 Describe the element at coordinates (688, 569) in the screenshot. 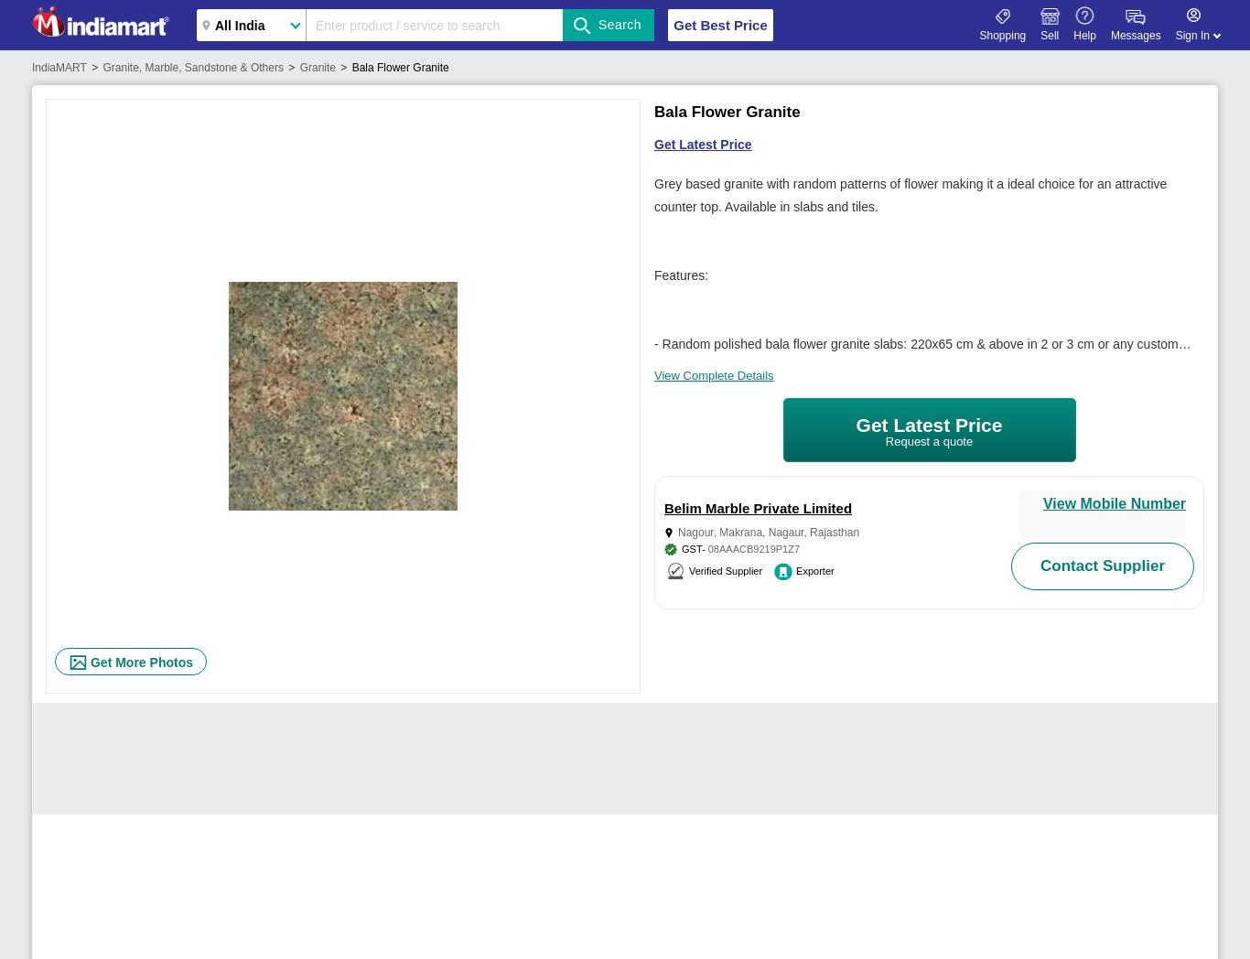

I see `'Verified Supplier'` at that location.